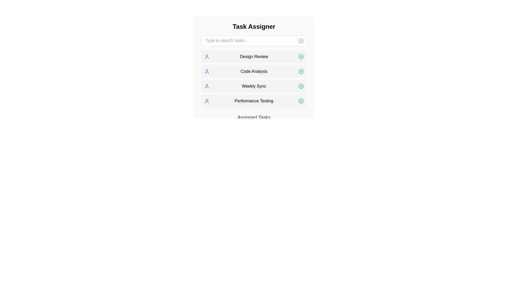  What do you see at coordinates (254, 57) in the screenshot?
I see `the first task card in the 'Task Assigner' section, which is labeled 'Design Review'` at bounding box center [254, 57].